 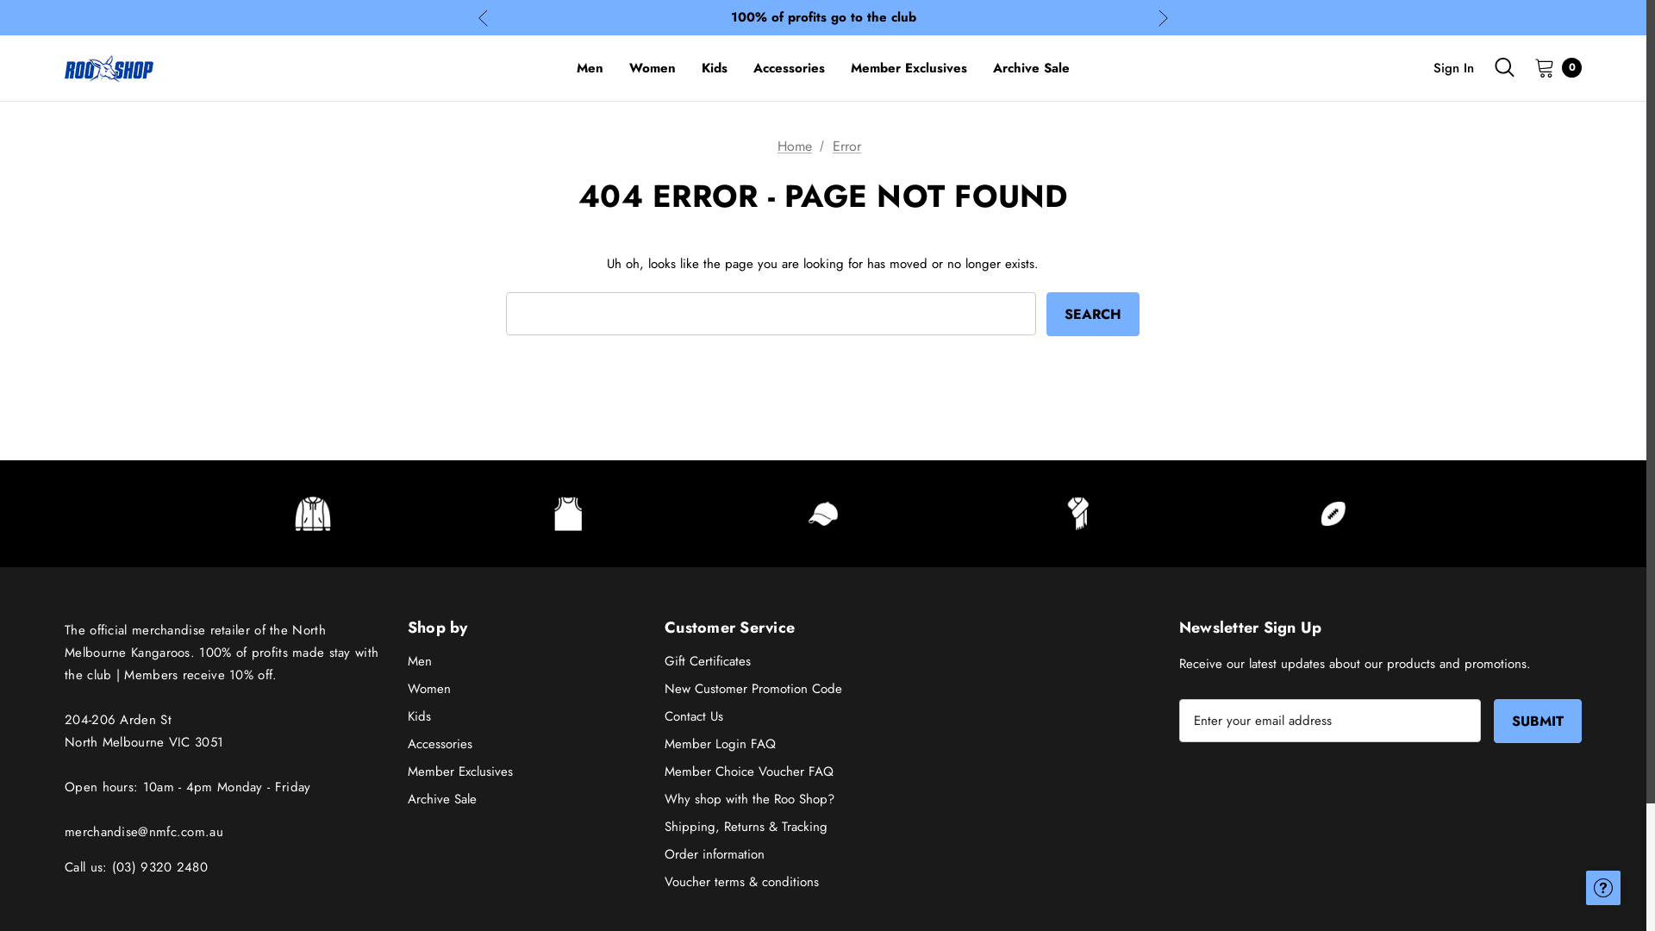 What do you see at coordinates (664, 660) in the screenshot?
I see `'Gift Certificates'` at bounding box center [664, 660].